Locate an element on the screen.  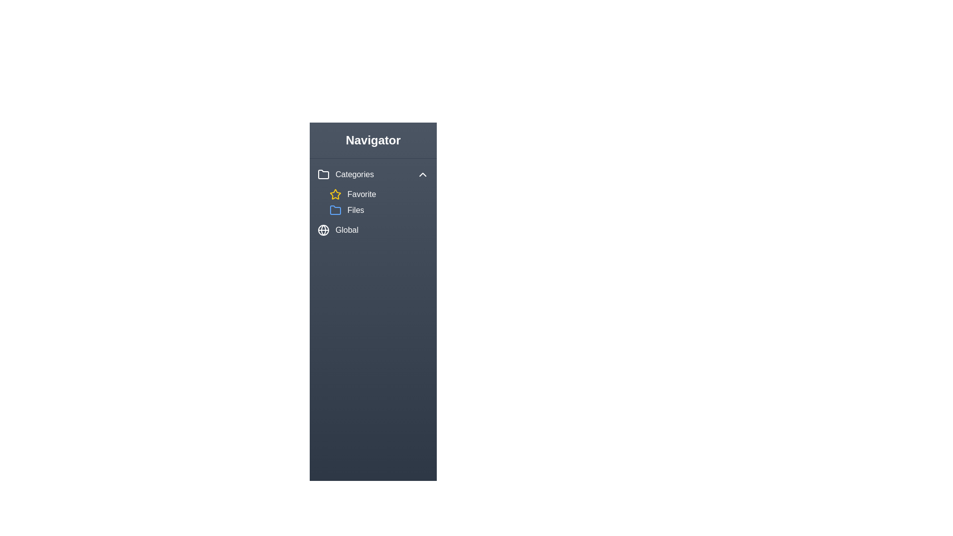
the 'Global' item in the navigation sidebar is located at coordinates (373, 230).